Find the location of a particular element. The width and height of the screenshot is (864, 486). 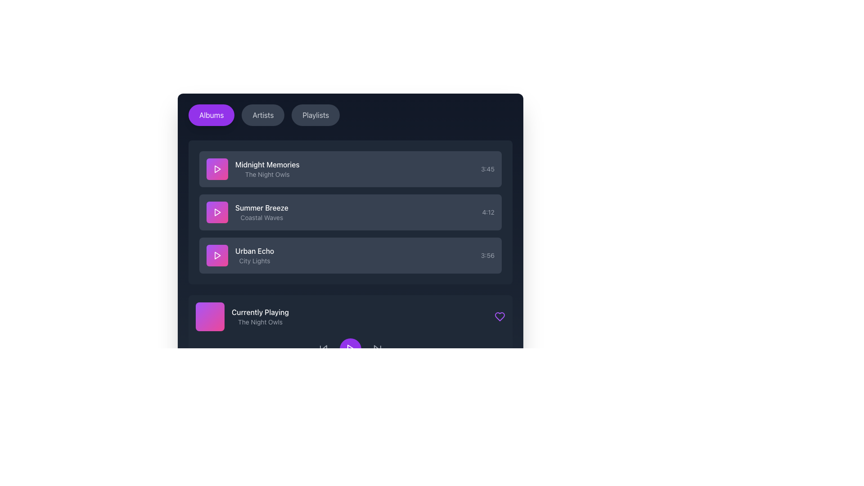

text display element that shows the track name 'Midnight Memories' and the artist 'The Night Owls', located in the first item of the music track list, to gather information is located at coordinates (267, 169).